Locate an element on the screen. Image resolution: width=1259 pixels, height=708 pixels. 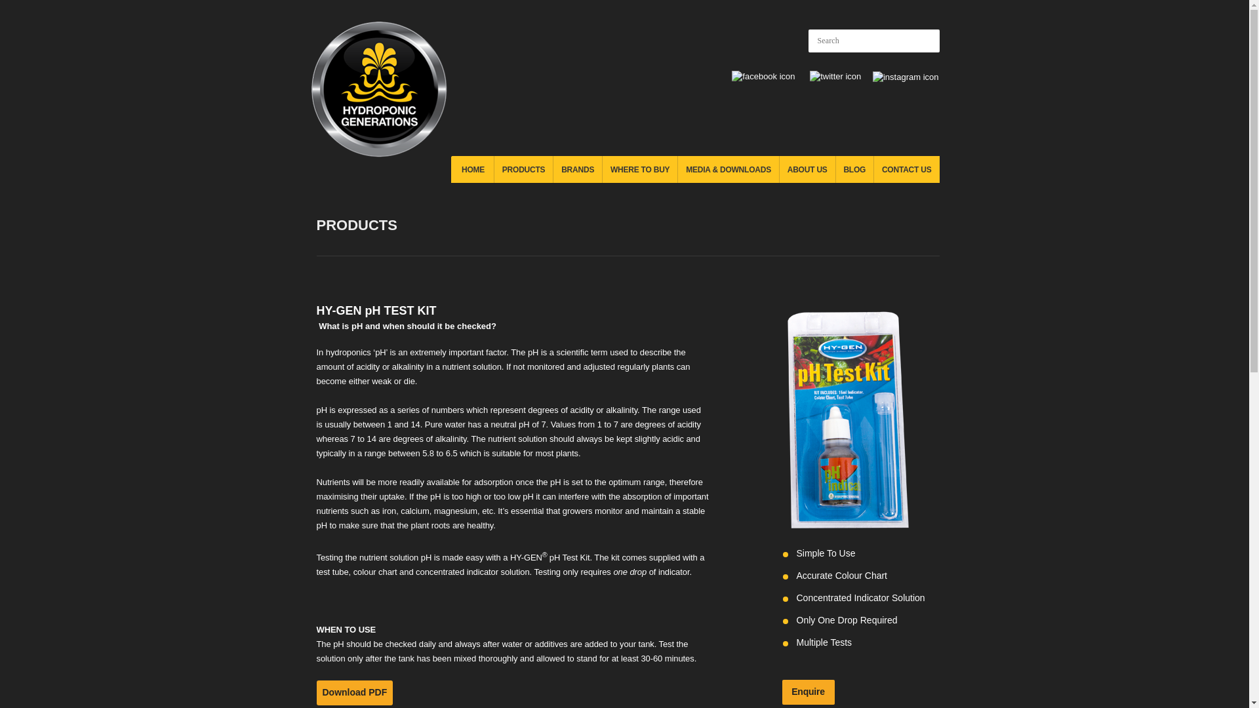
'BLOG' is located at coordinates (855, 168).